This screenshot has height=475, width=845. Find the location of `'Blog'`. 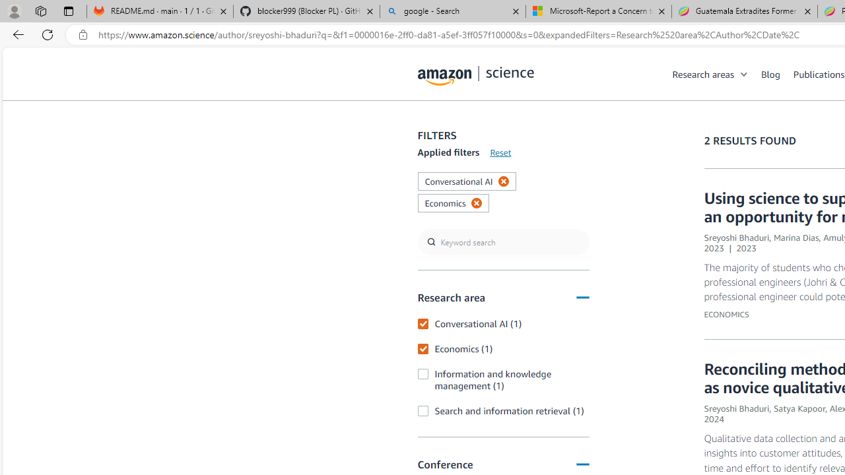

'Blog' is located at coordinates (770, 73).